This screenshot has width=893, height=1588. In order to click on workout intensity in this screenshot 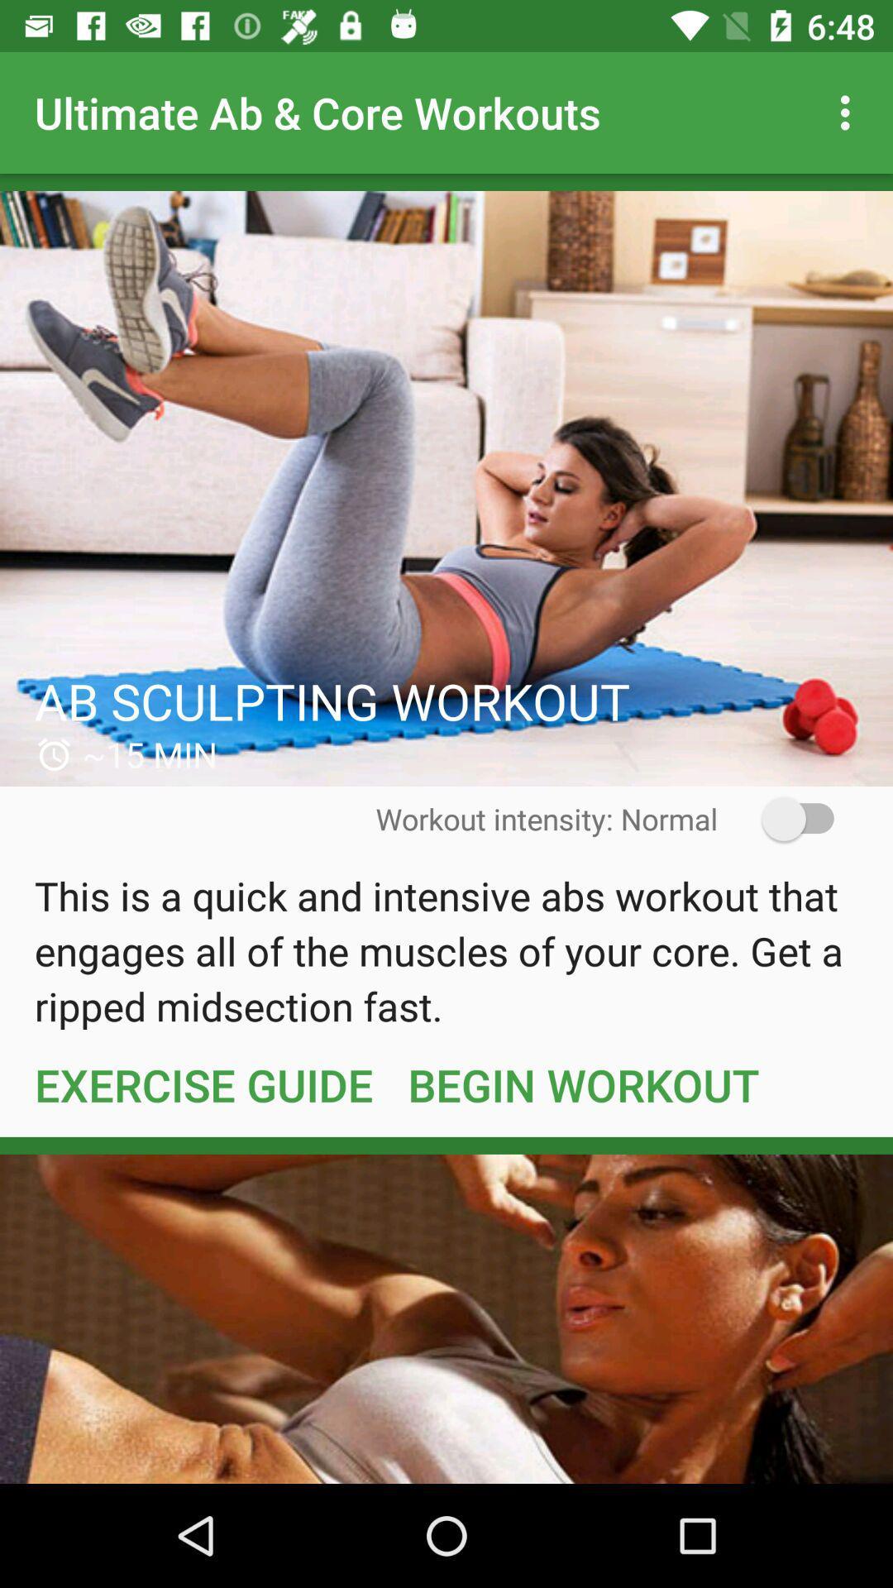, I will do `click(786, 819)`.